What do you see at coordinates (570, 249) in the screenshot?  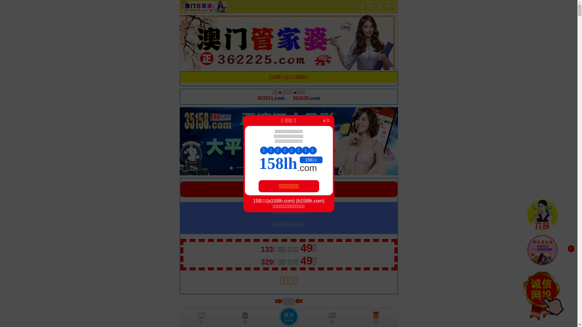 I see `'x'` at bounding box center [570, 249].